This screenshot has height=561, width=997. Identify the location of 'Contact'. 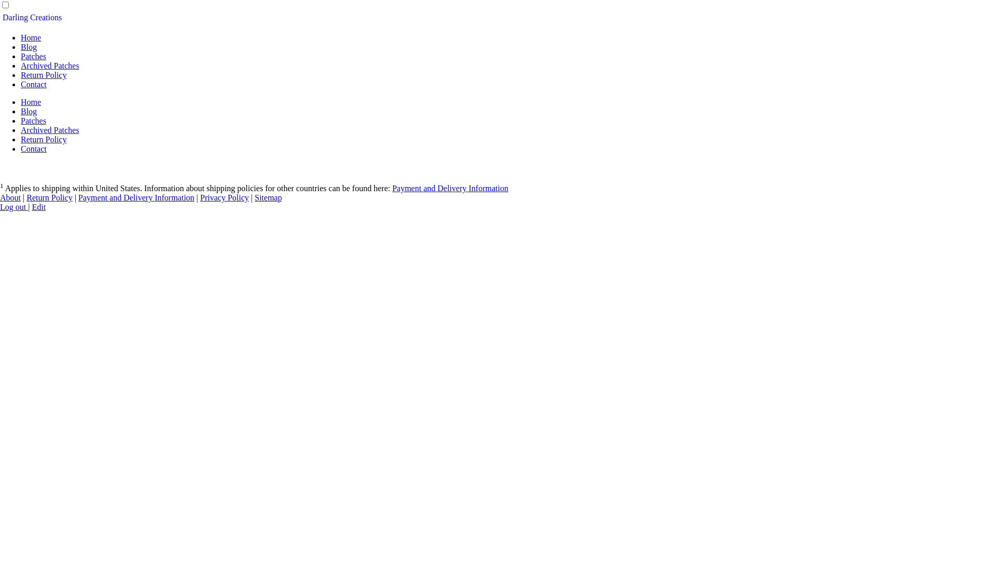
(20, 84).